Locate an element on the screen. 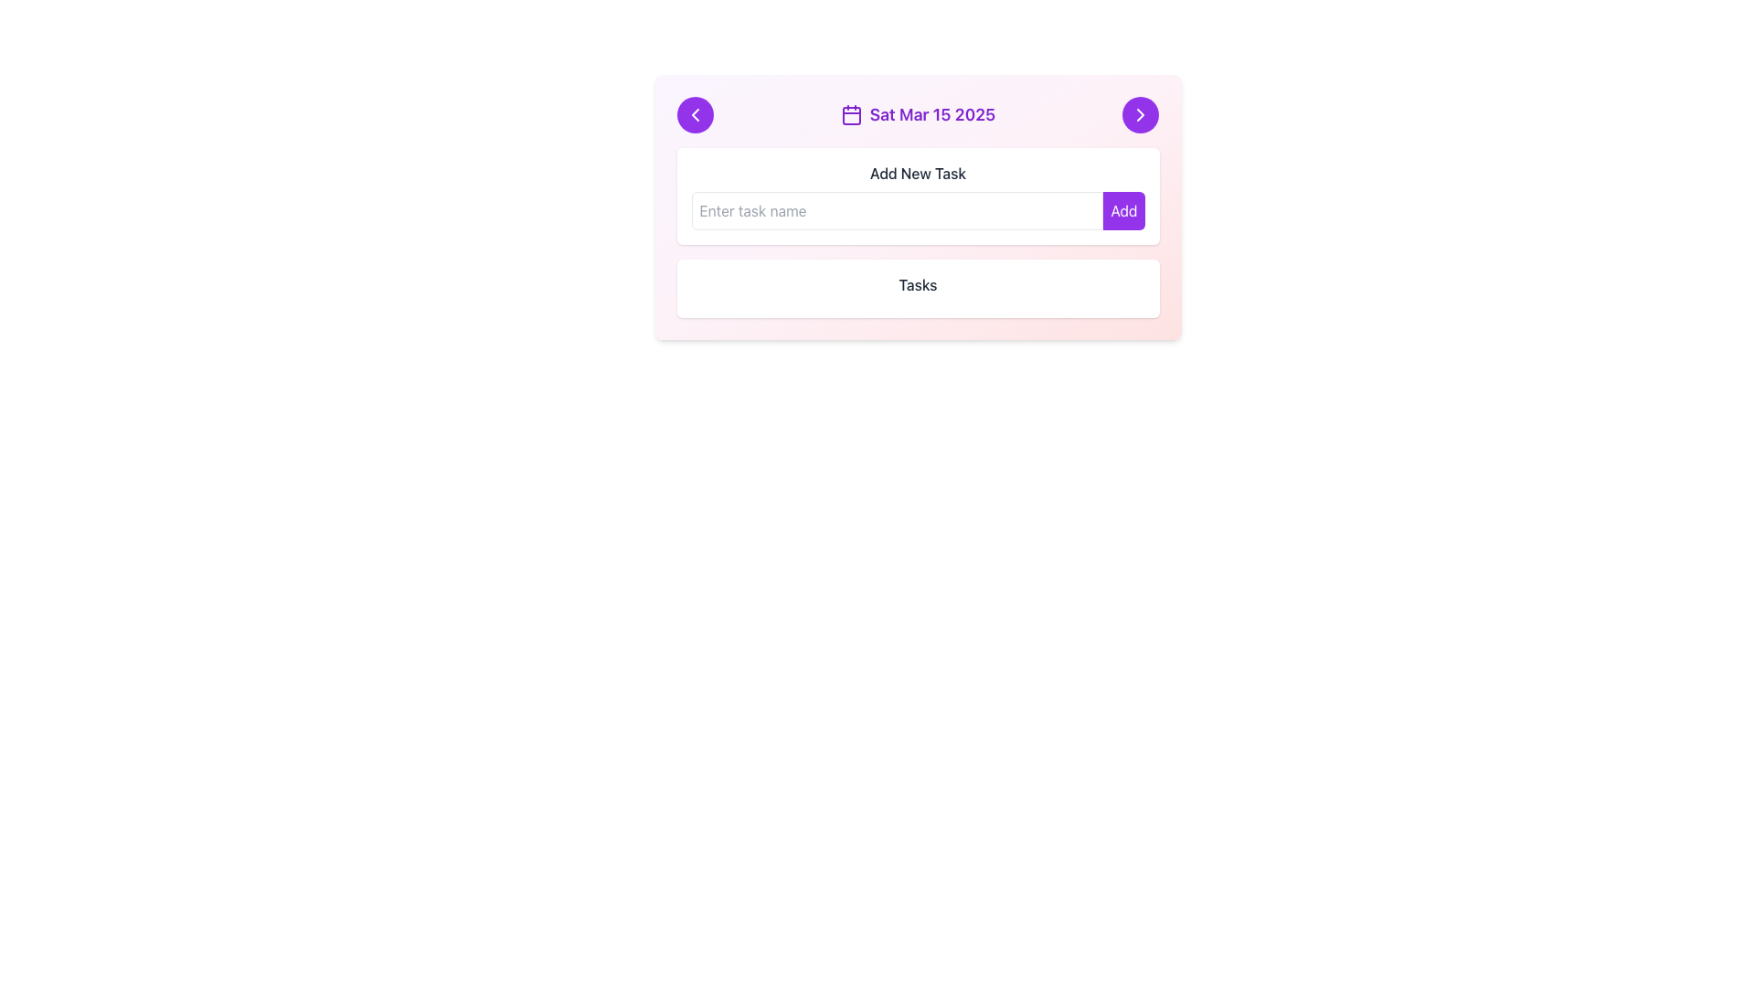 The width and height of the screenshot is (1755, 987). the chevron-shaped left-pointing arrow icon within the purple circular button located at the top-left corner is located at coordinates (694, 115).